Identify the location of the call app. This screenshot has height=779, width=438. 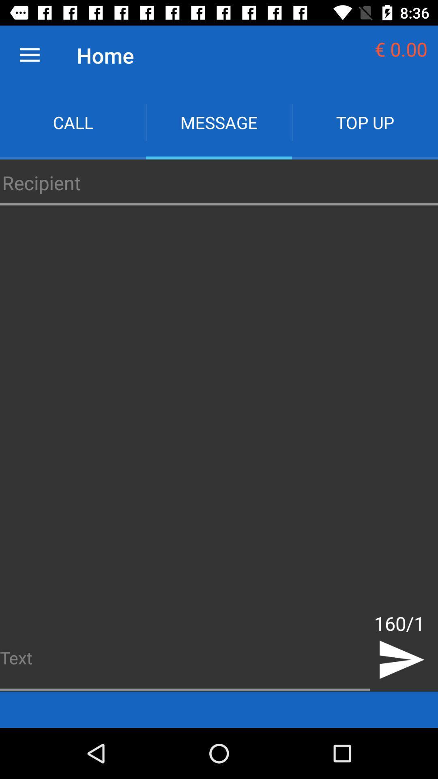
(73, 122).